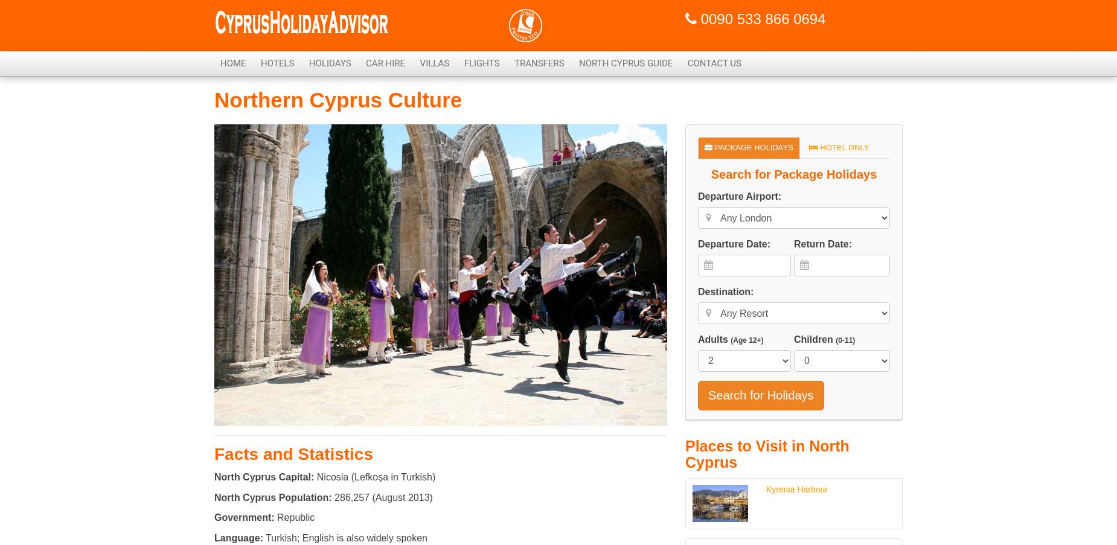  Describe the element at coordinates (294, 517) in the screenshot. I see `'Republic'` at that location.